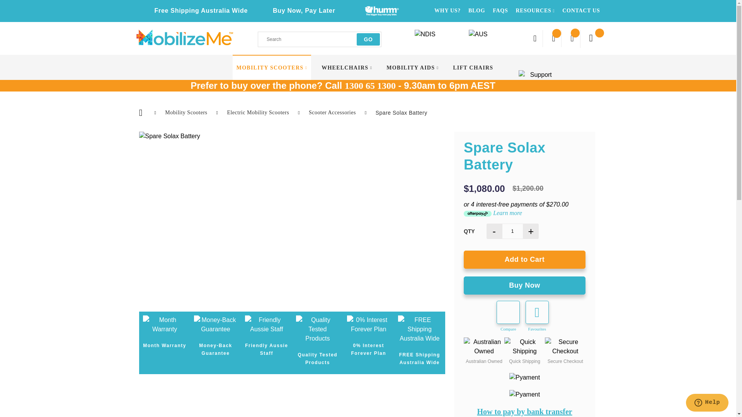 The height and width of the screenshot is (417, 742). Describe the element at coordinates (164, 324) in the screenshot. I see `'Month Warranty'` at that location.